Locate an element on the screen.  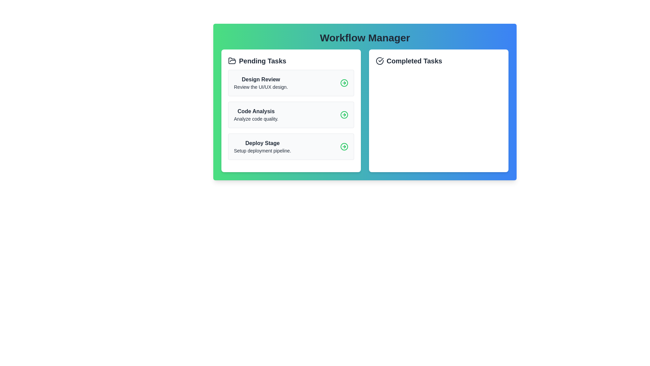
the text element reading 'Setup deployment pipeline.' which is located beneath the bold title 'Deploy Stage' in the 'Pending Tasks' section is located at coordinates (262, 150).